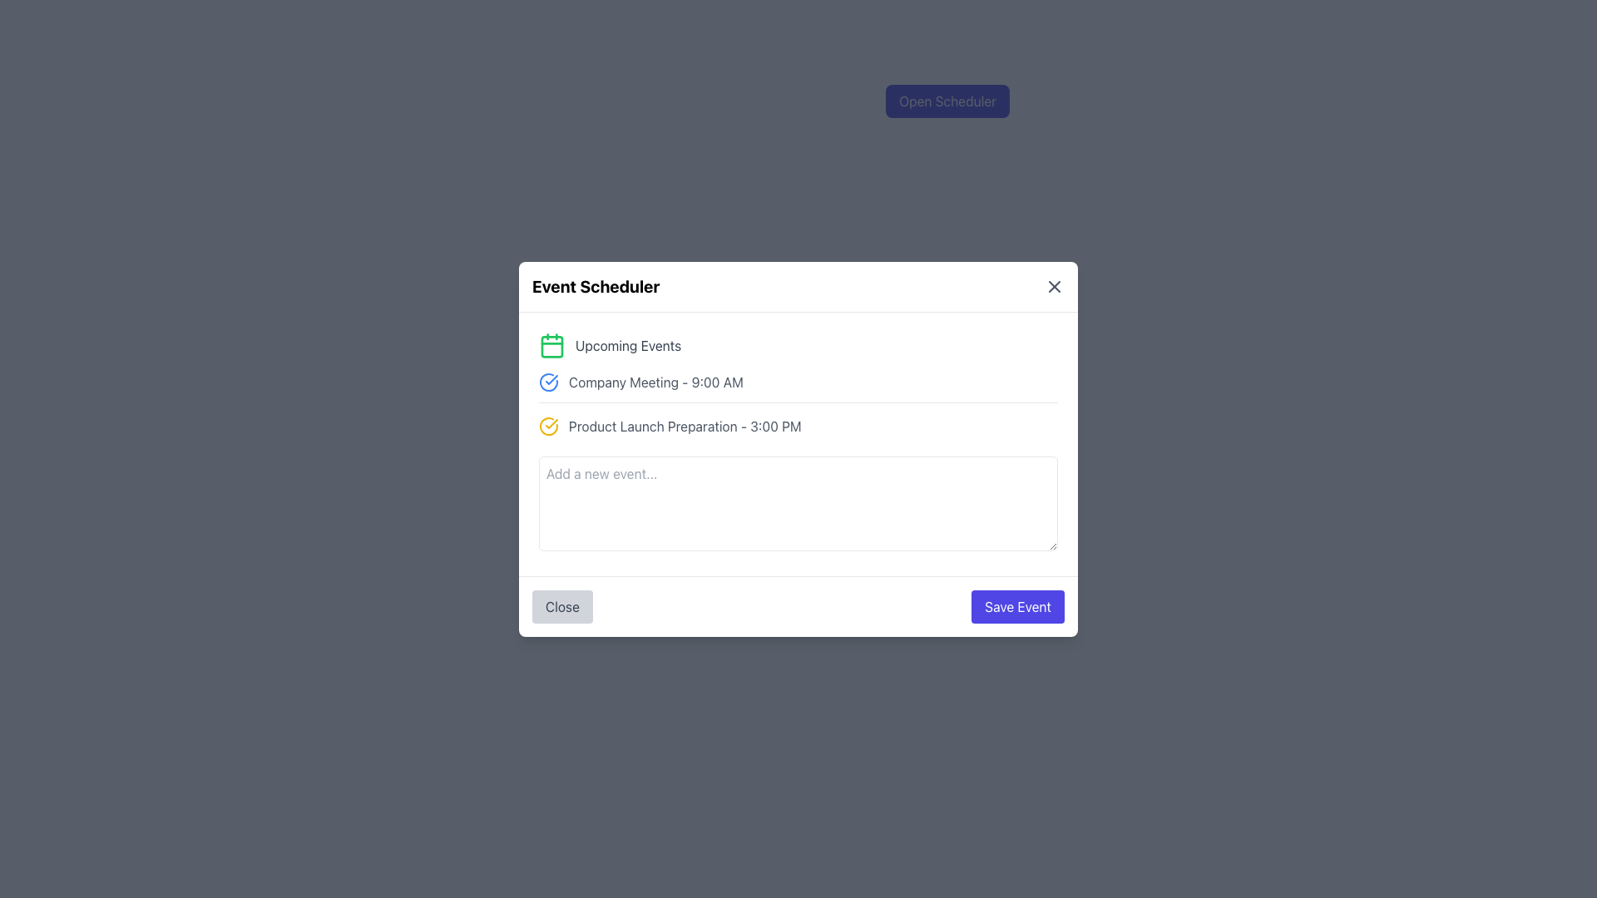 The width and height of the screenshot is (1597, 898). I want to click on the text label displaying 'Product Launch Preparation - 3:00 PM' in gray-colored font within the 'Event Scheduler' dialog, so click(685, 425).